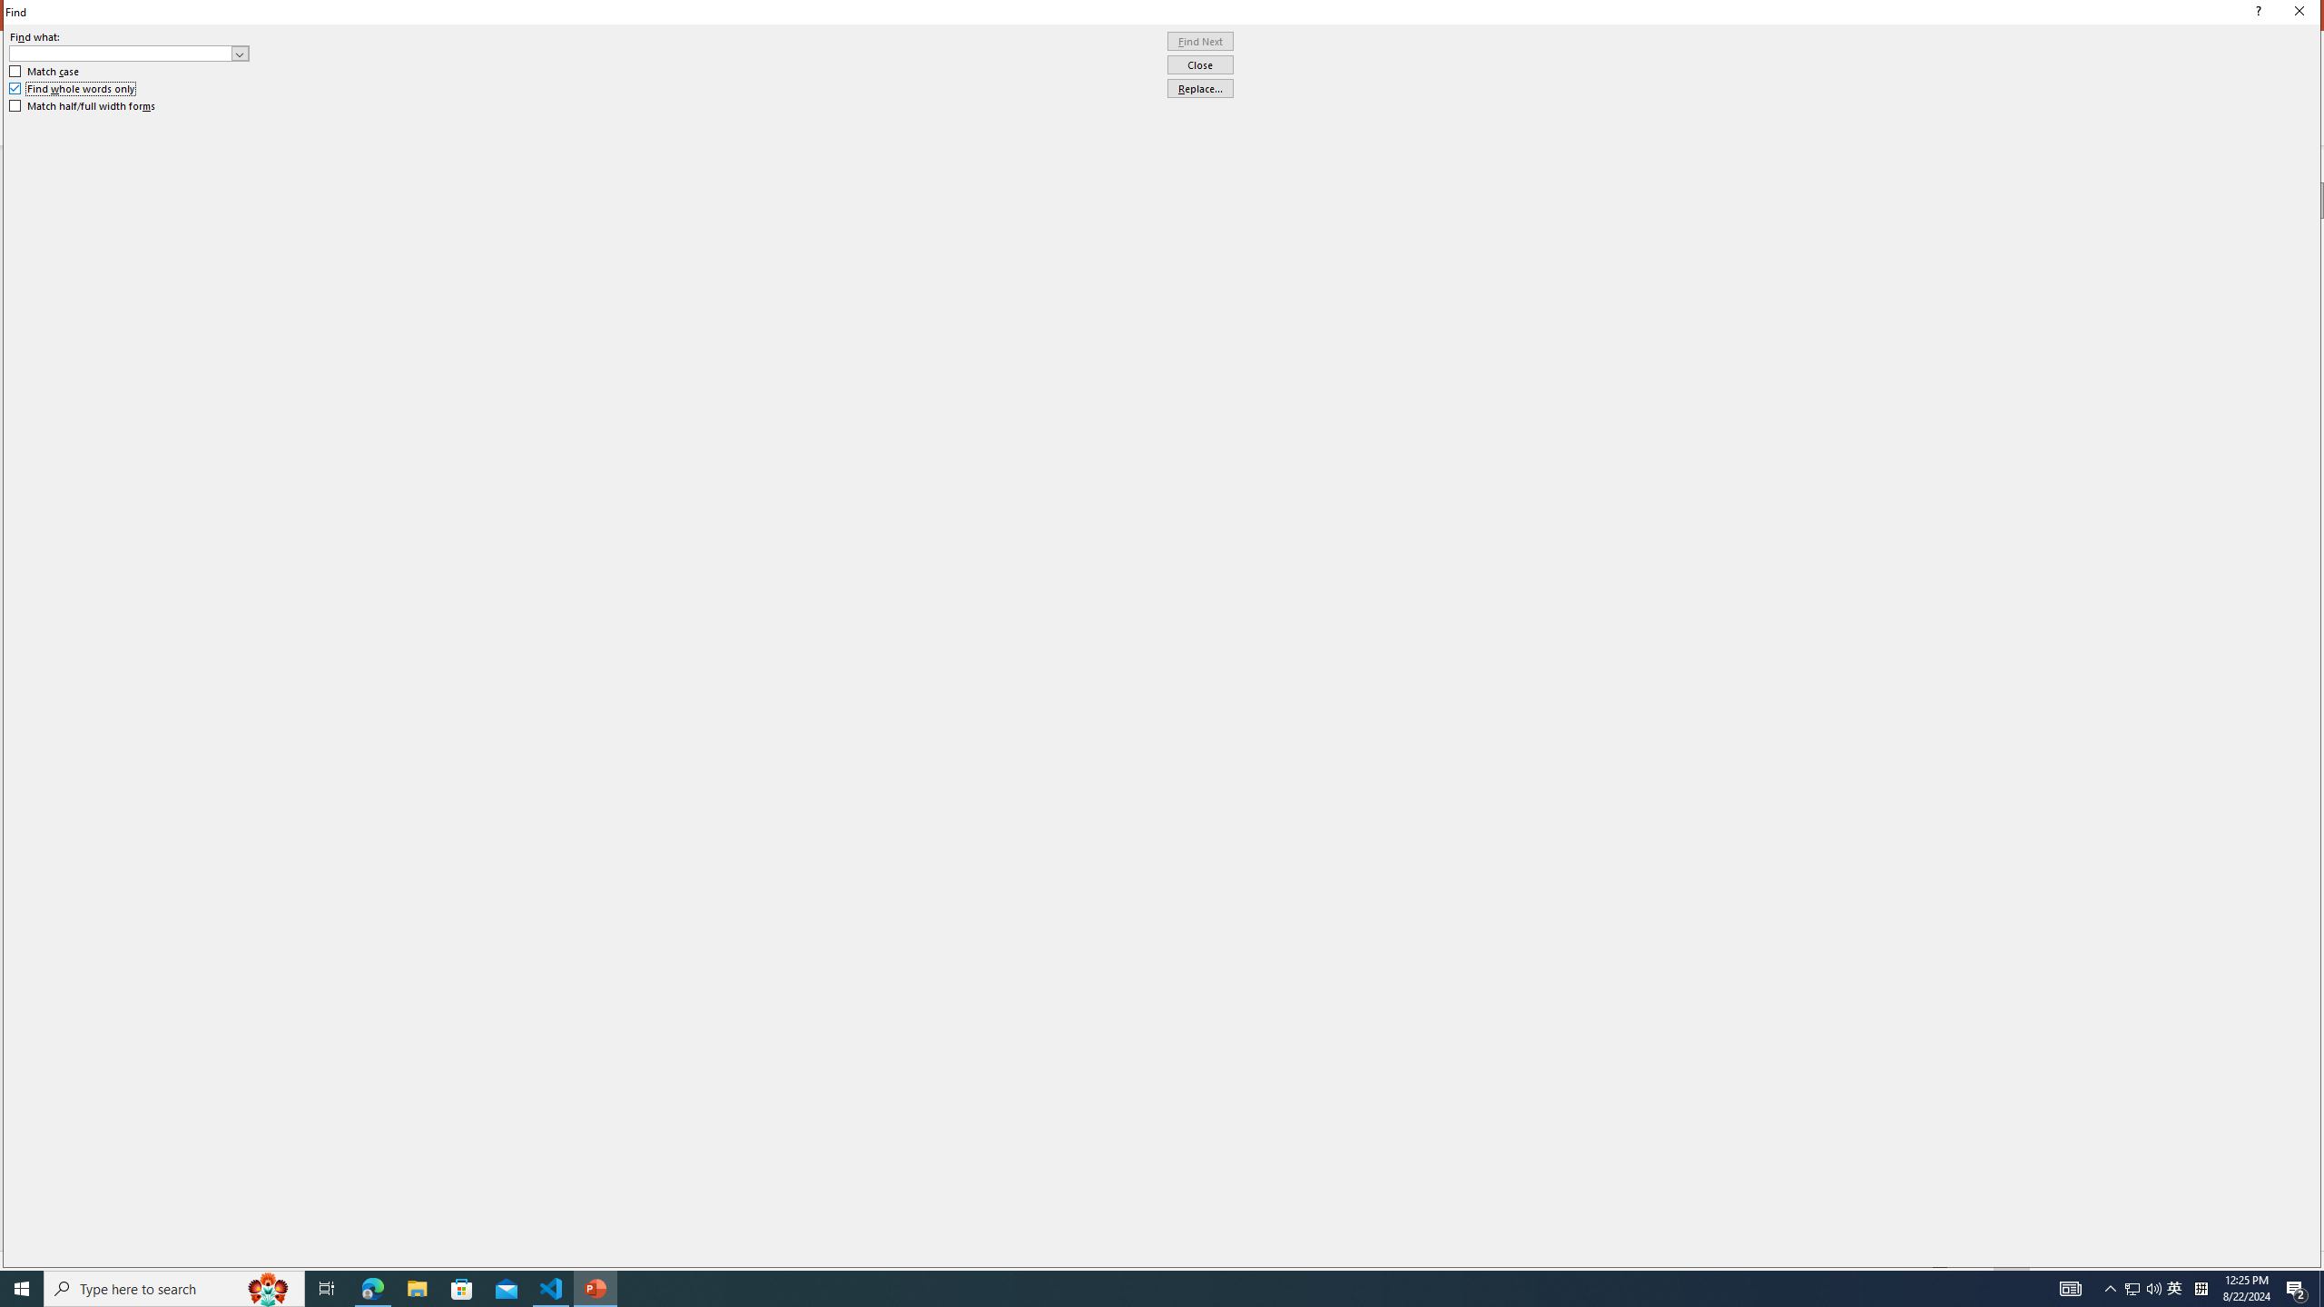  Describe the element at coordinates (73, 87) in the screenshot. I see `'Find whole words only'` at that location.